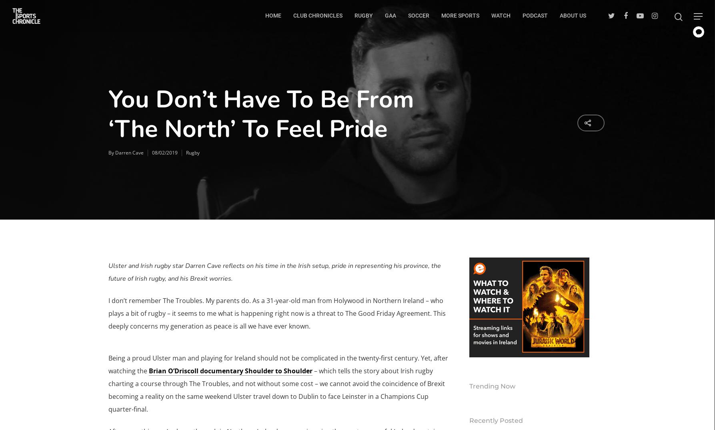 The width and height of the screenshot is (715, 430). I want to click on 'ABOUT US', so click(559, 15).